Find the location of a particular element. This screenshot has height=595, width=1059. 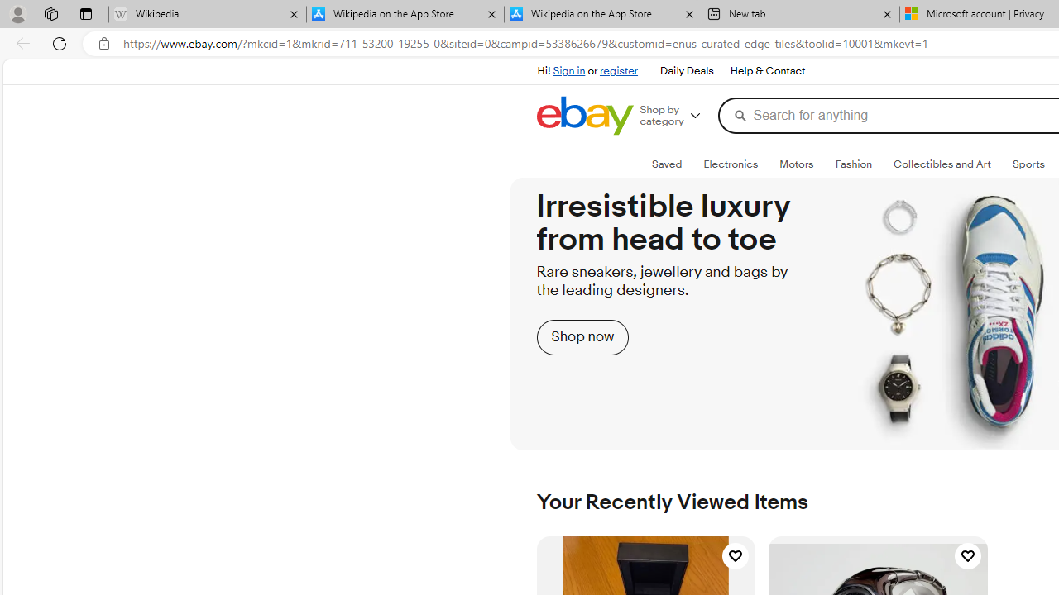

'Daily Deals' is located at coordinates (686, 70).